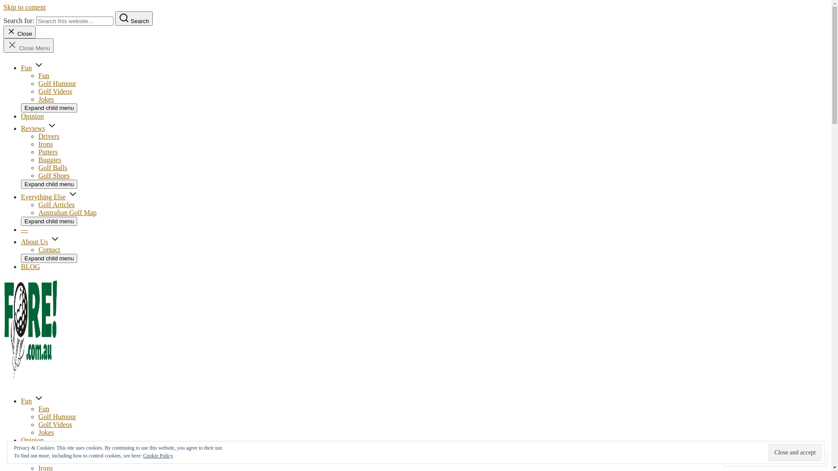  What do you see at coordinates (24, 7) in the screenshot?
I see `'Skip to content'` at bounding box center [24, 7].